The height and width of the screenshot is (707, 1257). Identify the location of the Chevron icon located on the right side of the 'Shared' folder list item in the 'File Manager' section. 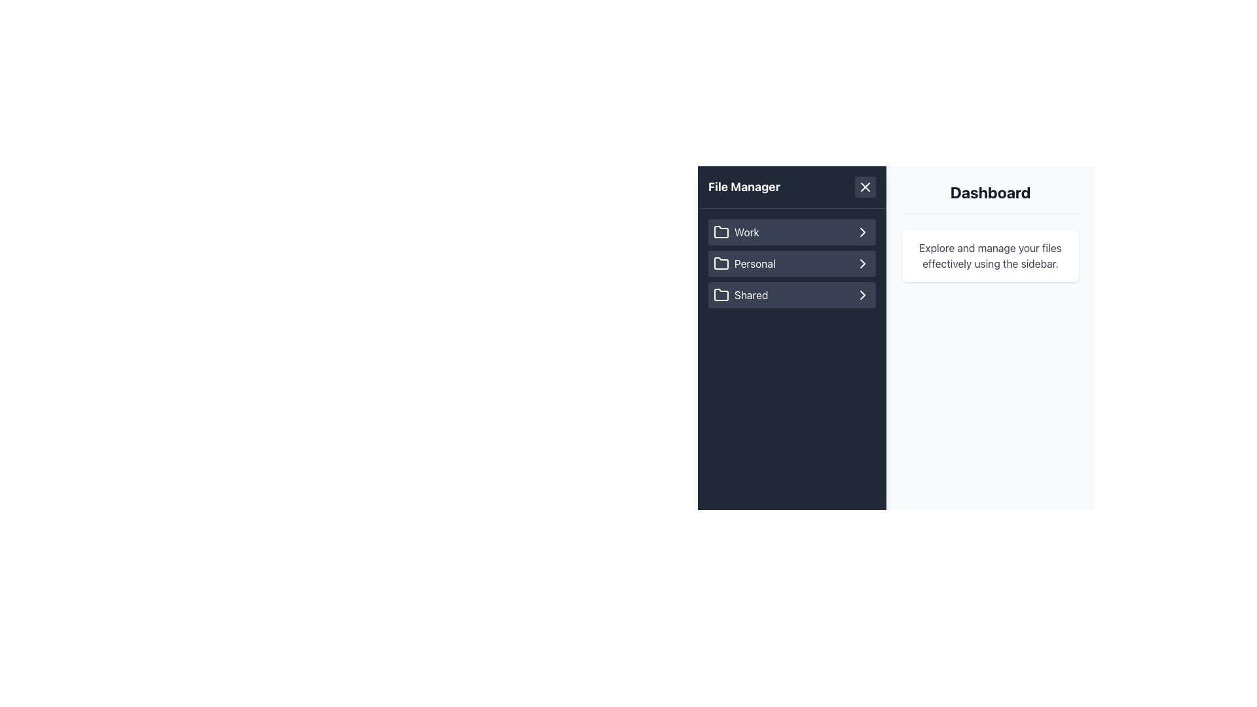
(863, 295).